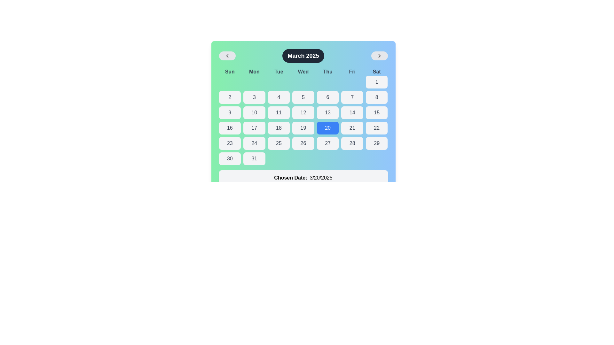 Image resolution: width=614 pixels, height=345 pixels. What do you see at coordinates (377, 72) in the screenshot?
I see `the 'Saturday' text label, which is the last element in a grid of day labels indicating the day of the week` at bounding box center [377, 72].